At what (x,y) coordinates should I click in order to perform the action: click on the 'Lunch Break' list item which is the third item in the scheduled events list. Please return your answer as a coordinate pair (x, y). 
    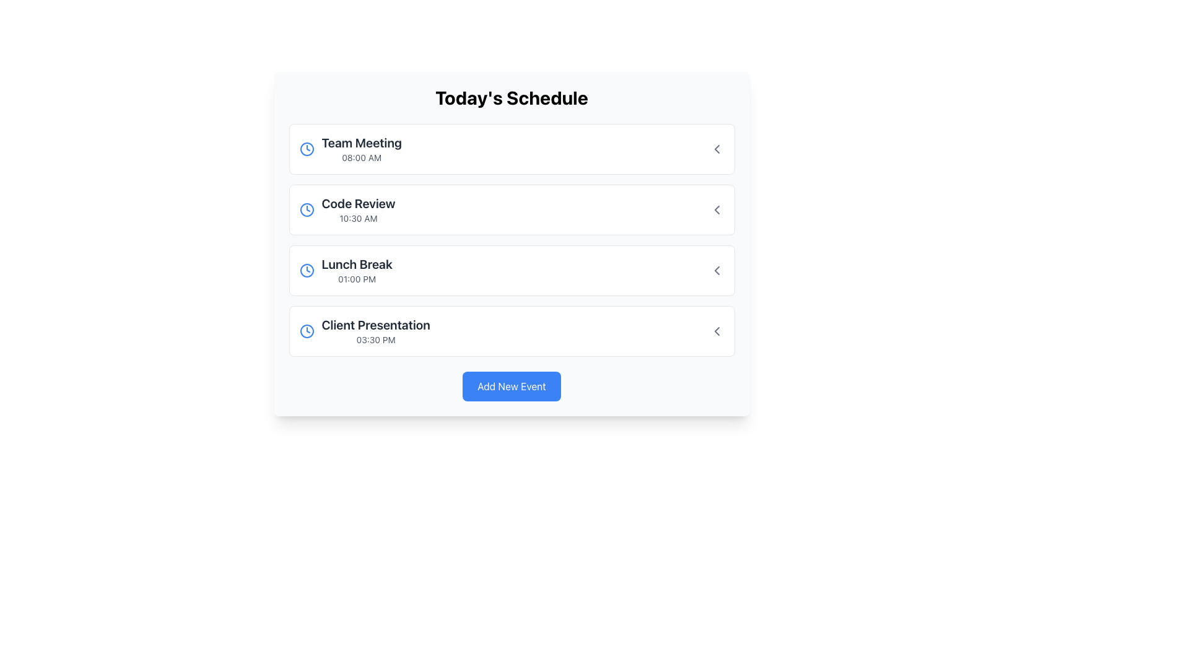
    Looking at the image, I should click on (512, 269).